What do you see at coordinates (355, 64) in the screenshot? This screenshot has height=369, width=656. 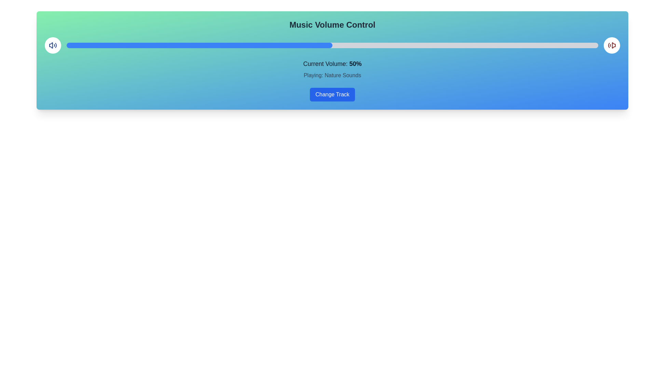 I see `the volume level label that displays the current volume percentage, located to the right of 'Current Volume:' and slightly below the progress bar` at bounding box center [355, 64].